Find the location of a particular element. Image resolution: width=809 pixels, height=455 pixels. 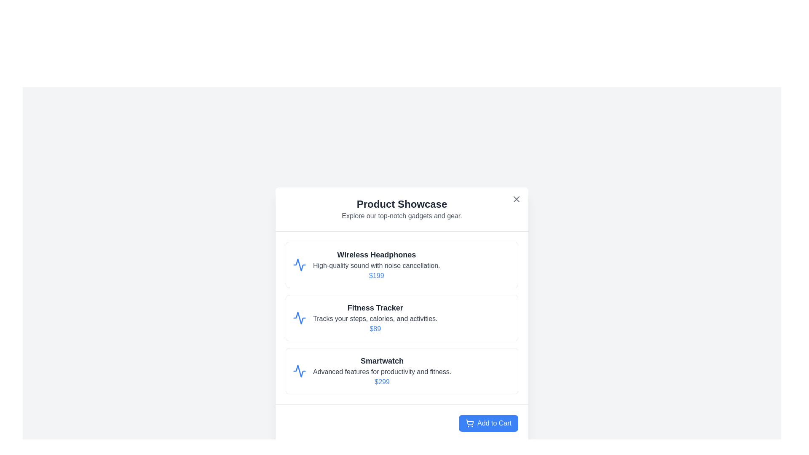

static text that says 'High-quality sound with noise cancellation.' located below the header 'Wireless Headphones' and above the price '$199' in the first product card of the modal is located at coordinates (376, 266).